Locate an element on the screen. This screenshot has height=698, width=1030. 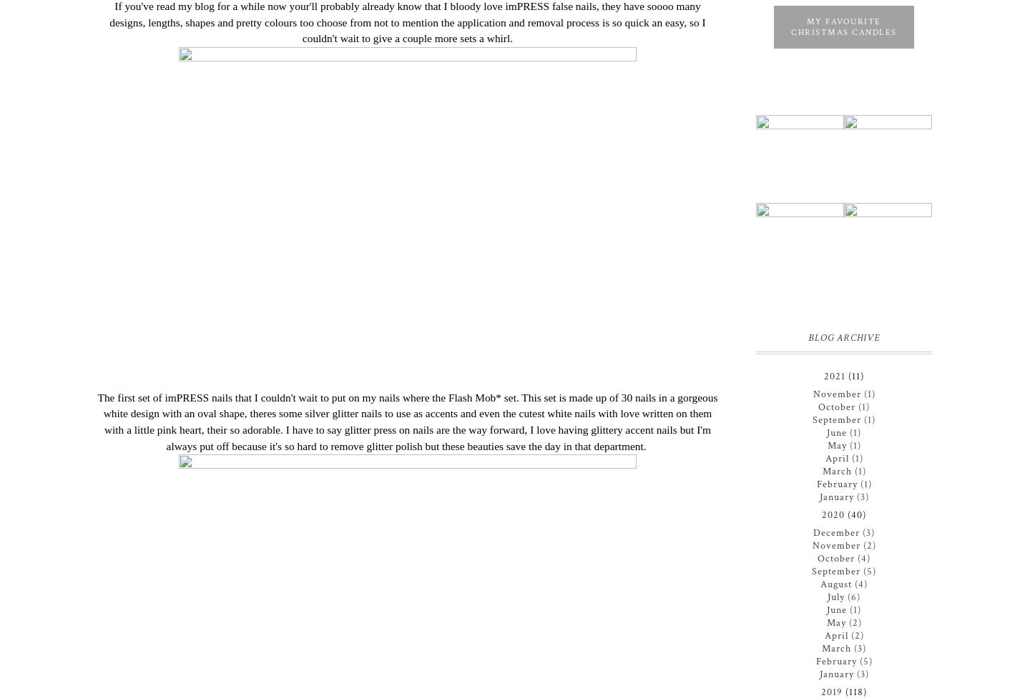
'(11)' is located at coordinates (856, 375).